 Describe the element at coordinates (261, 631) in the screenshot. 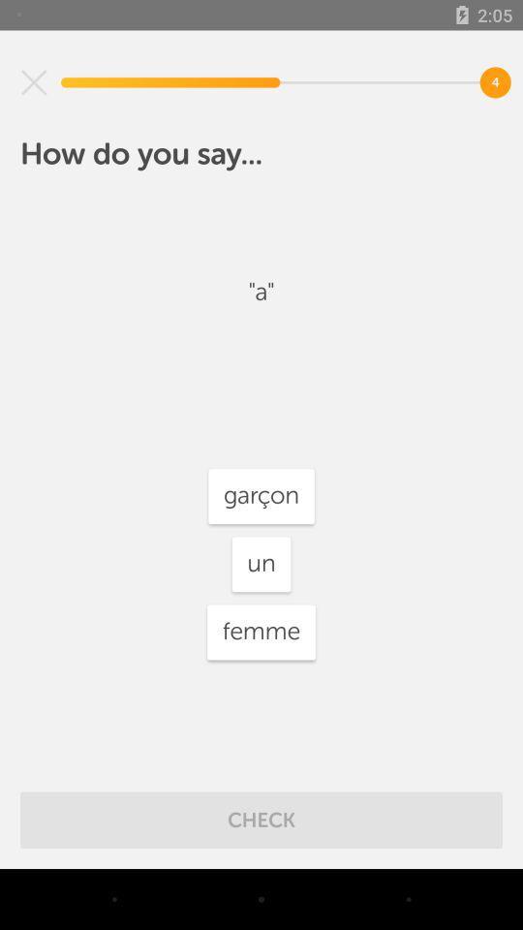

I see `the femme icon` at that location.